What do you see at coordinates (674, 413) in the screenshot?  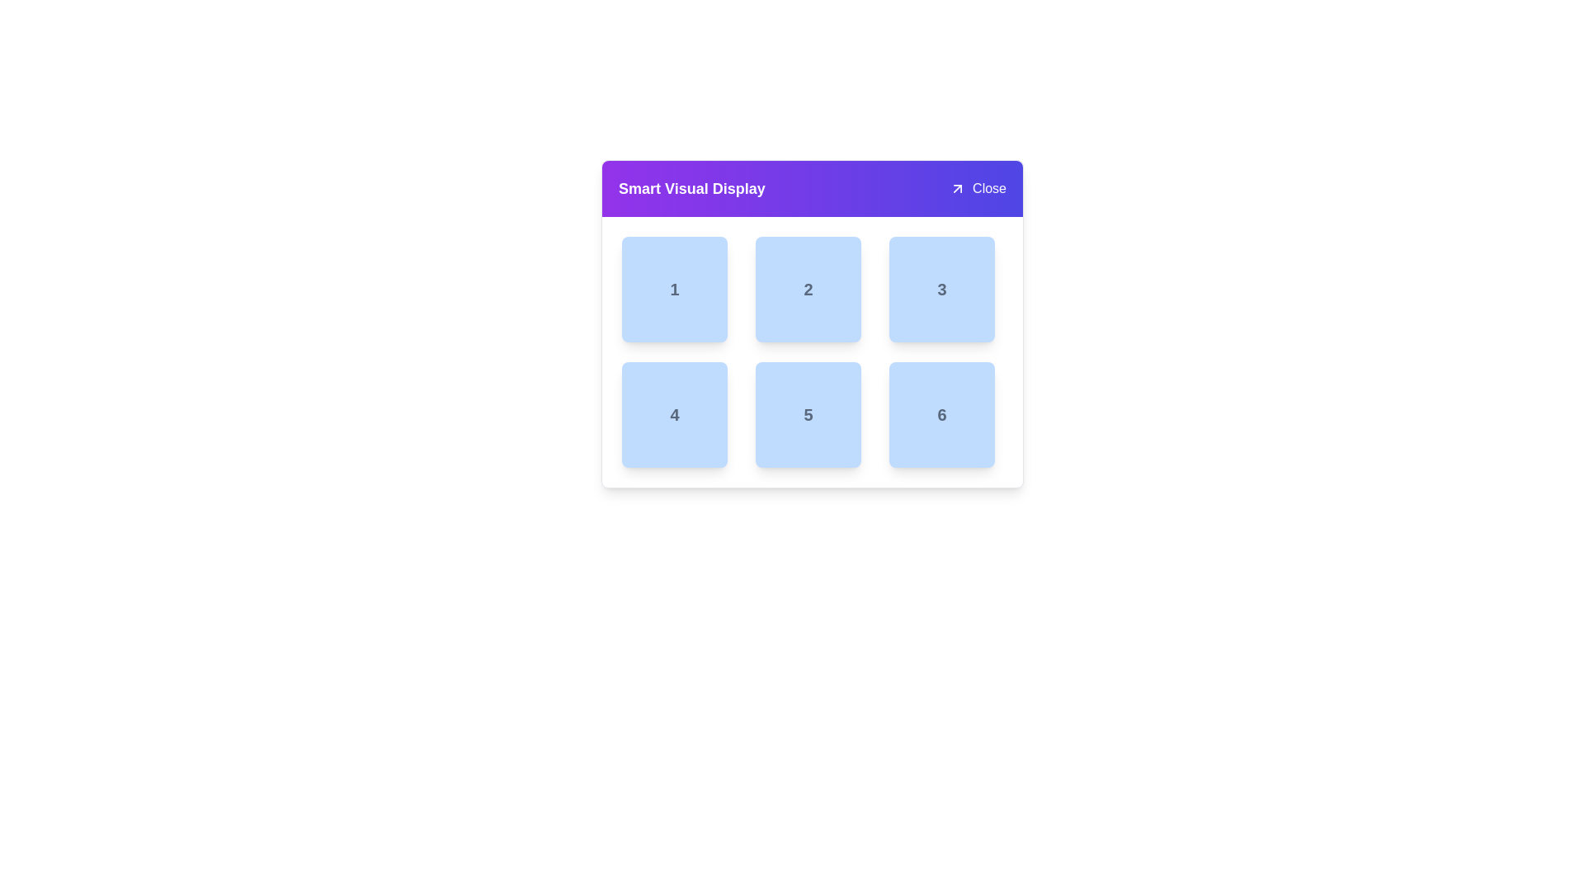 I see `the label or text element located in the second row and first column of the grid, which is centered within a 32x32 rounded blue box` at bounding box center [674, 413].